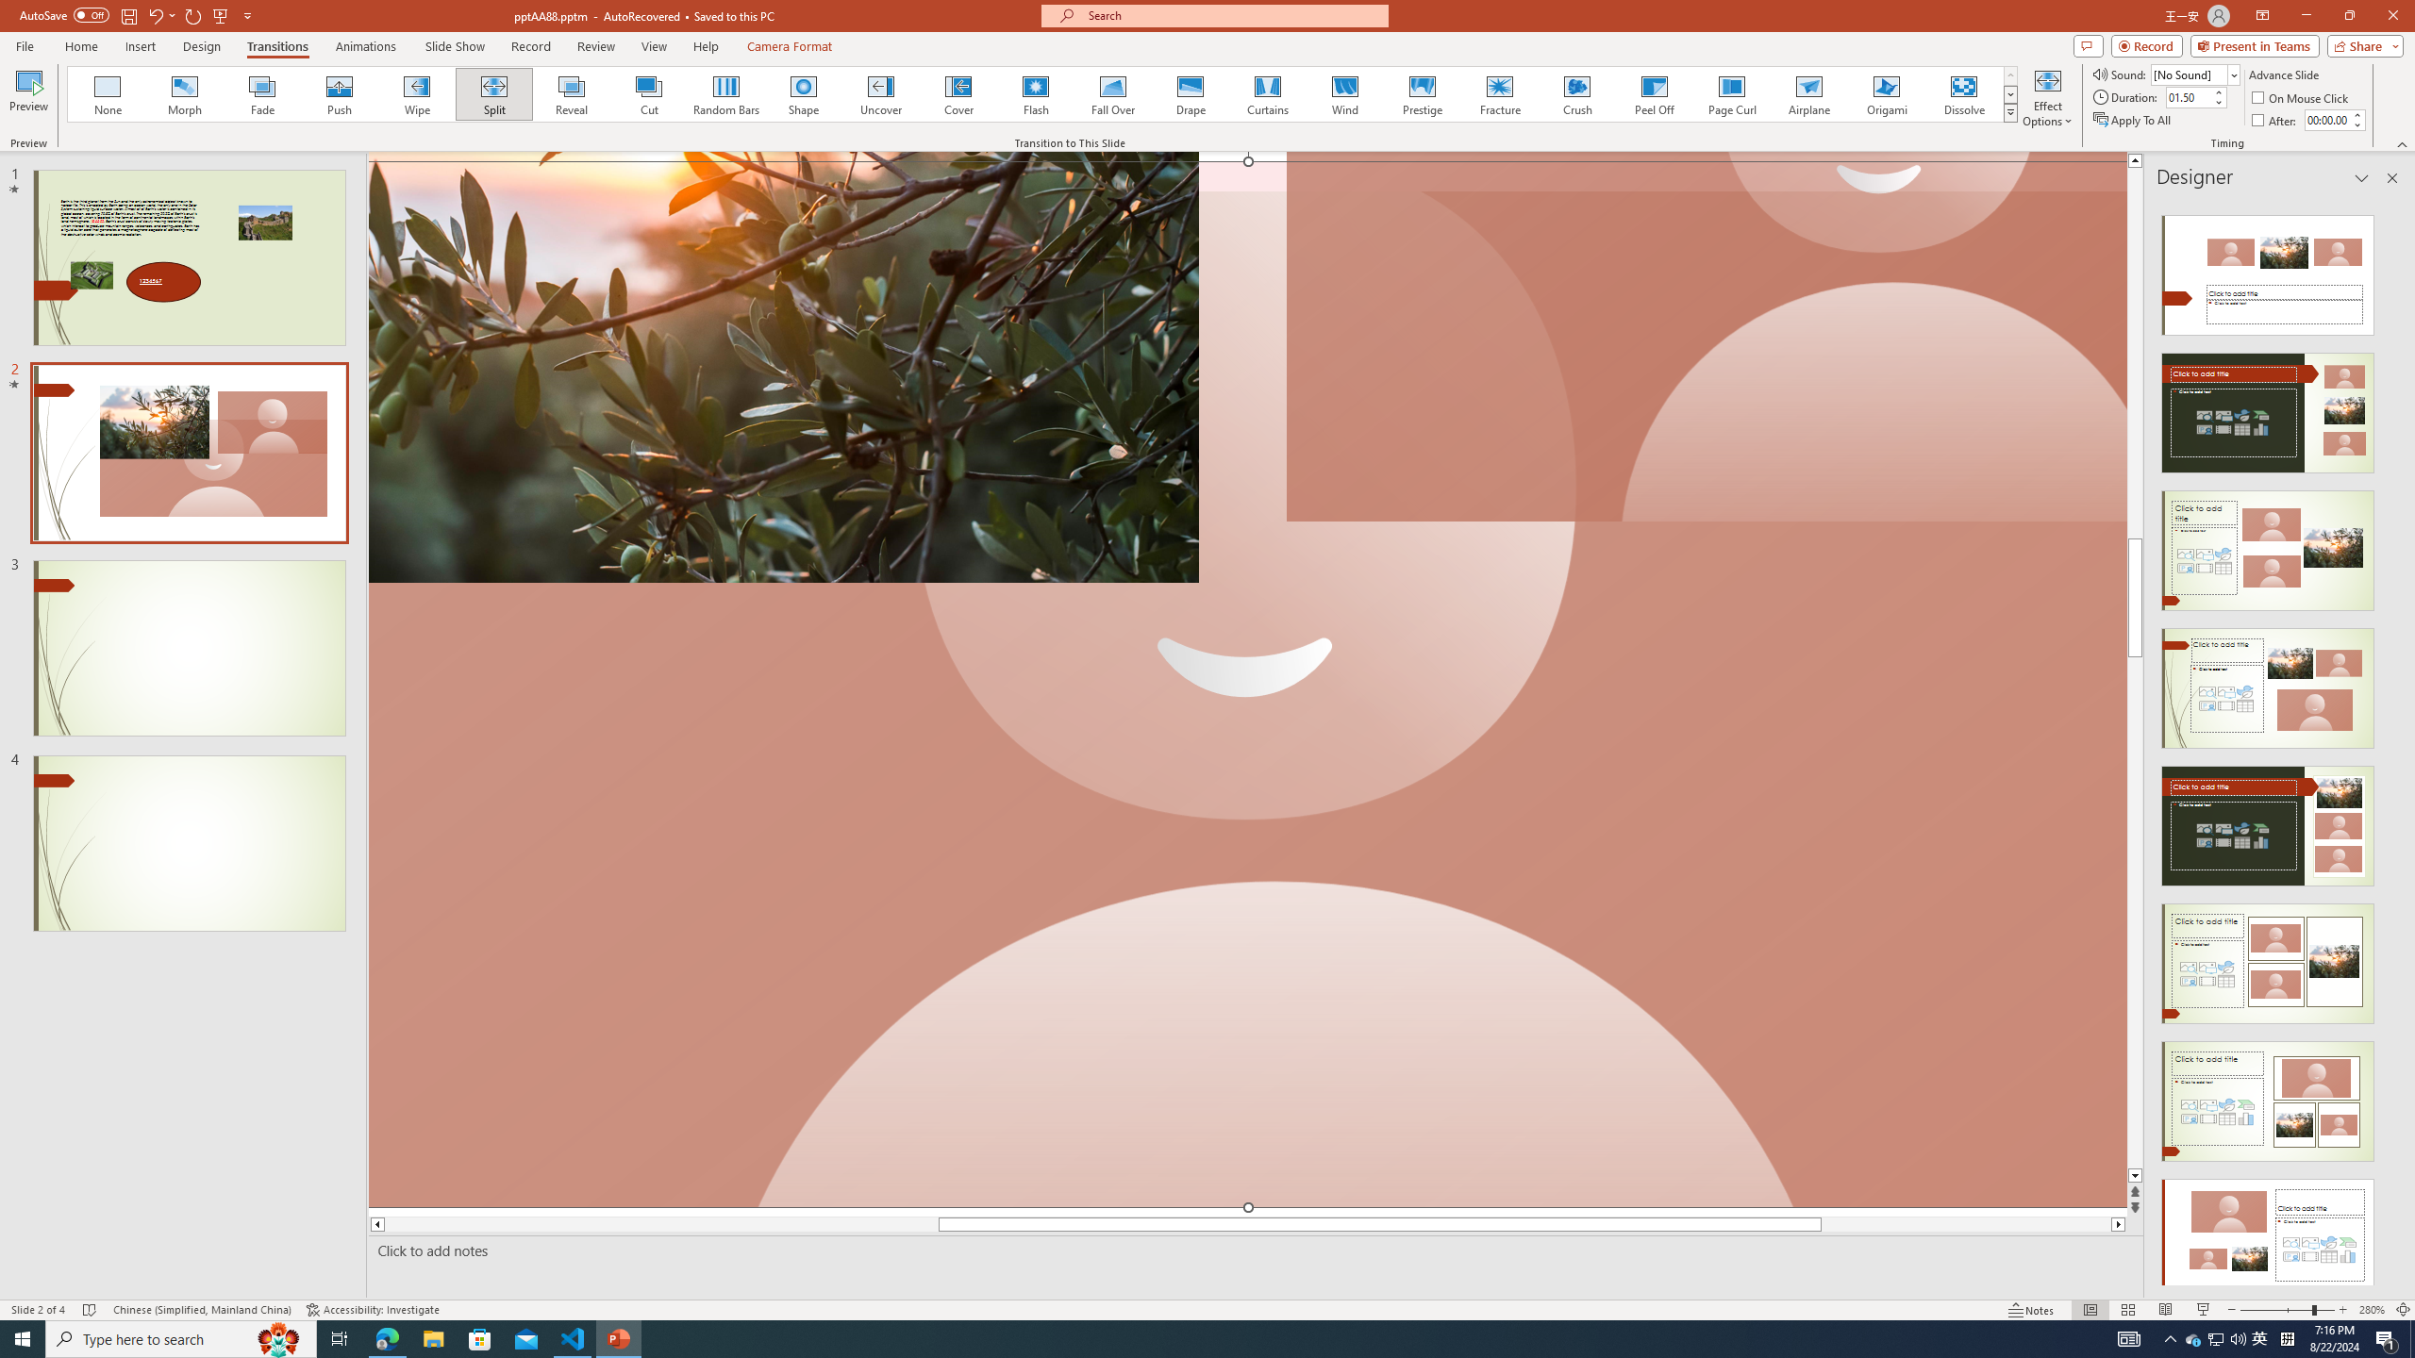 This screenshot has height=1358, width=2415. Describe the element at coordinates (2390, 741) in the screenshot. I see `'Class: NetUIScrollBar'` at that location.